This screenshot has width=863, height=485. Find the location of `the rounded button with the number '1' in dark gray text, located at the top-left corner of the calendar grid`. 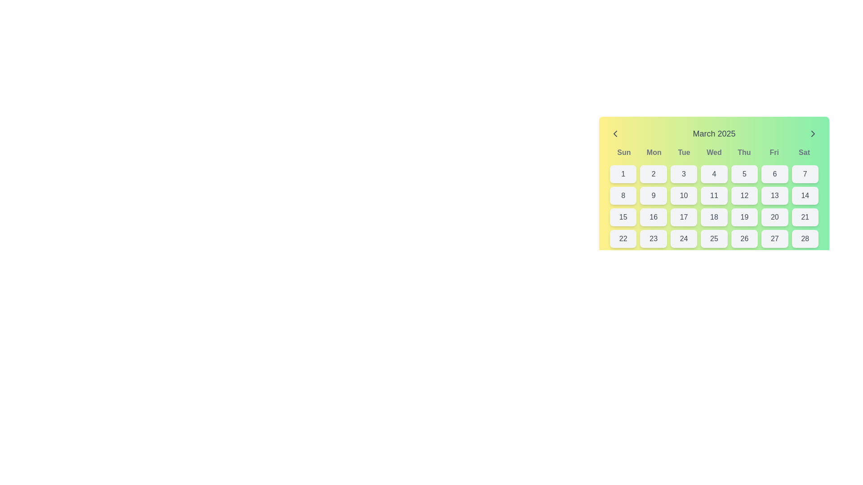

the rounded button with the number '1' in dark gray text, located at the top-left corner of the calendar grid is located at coordinates (623, 174).